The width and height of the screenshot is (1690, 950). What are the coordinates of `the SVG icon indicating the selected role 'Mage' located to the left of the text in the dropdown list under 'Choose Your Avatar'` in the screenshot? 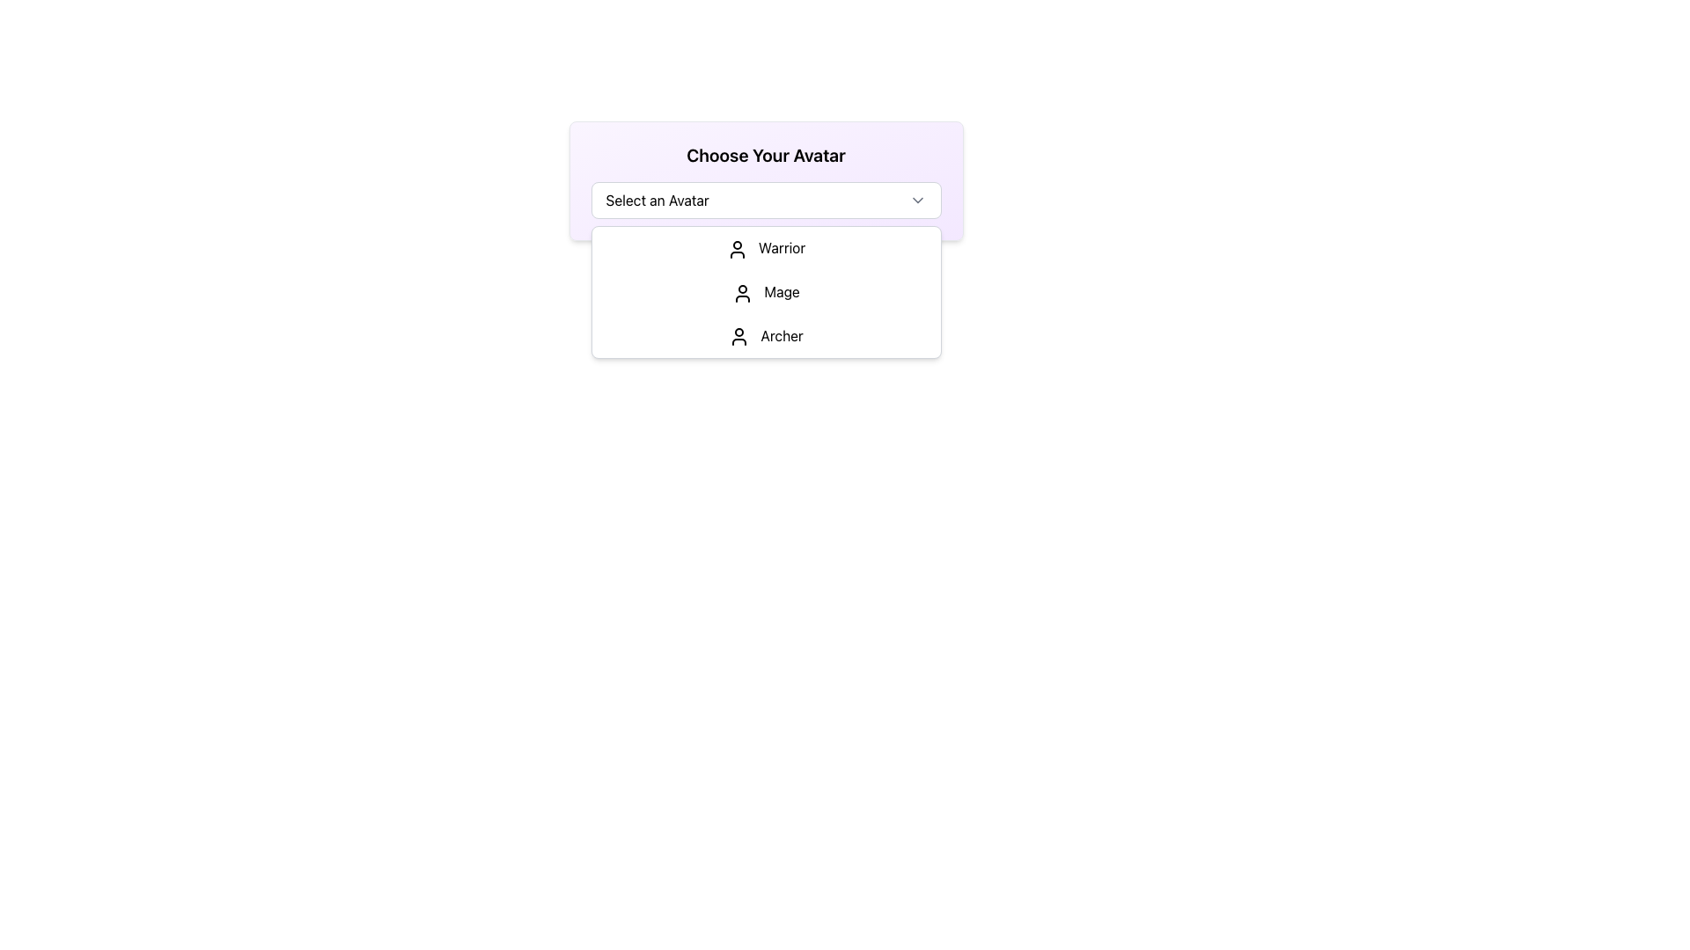 It's located at (743, 292).